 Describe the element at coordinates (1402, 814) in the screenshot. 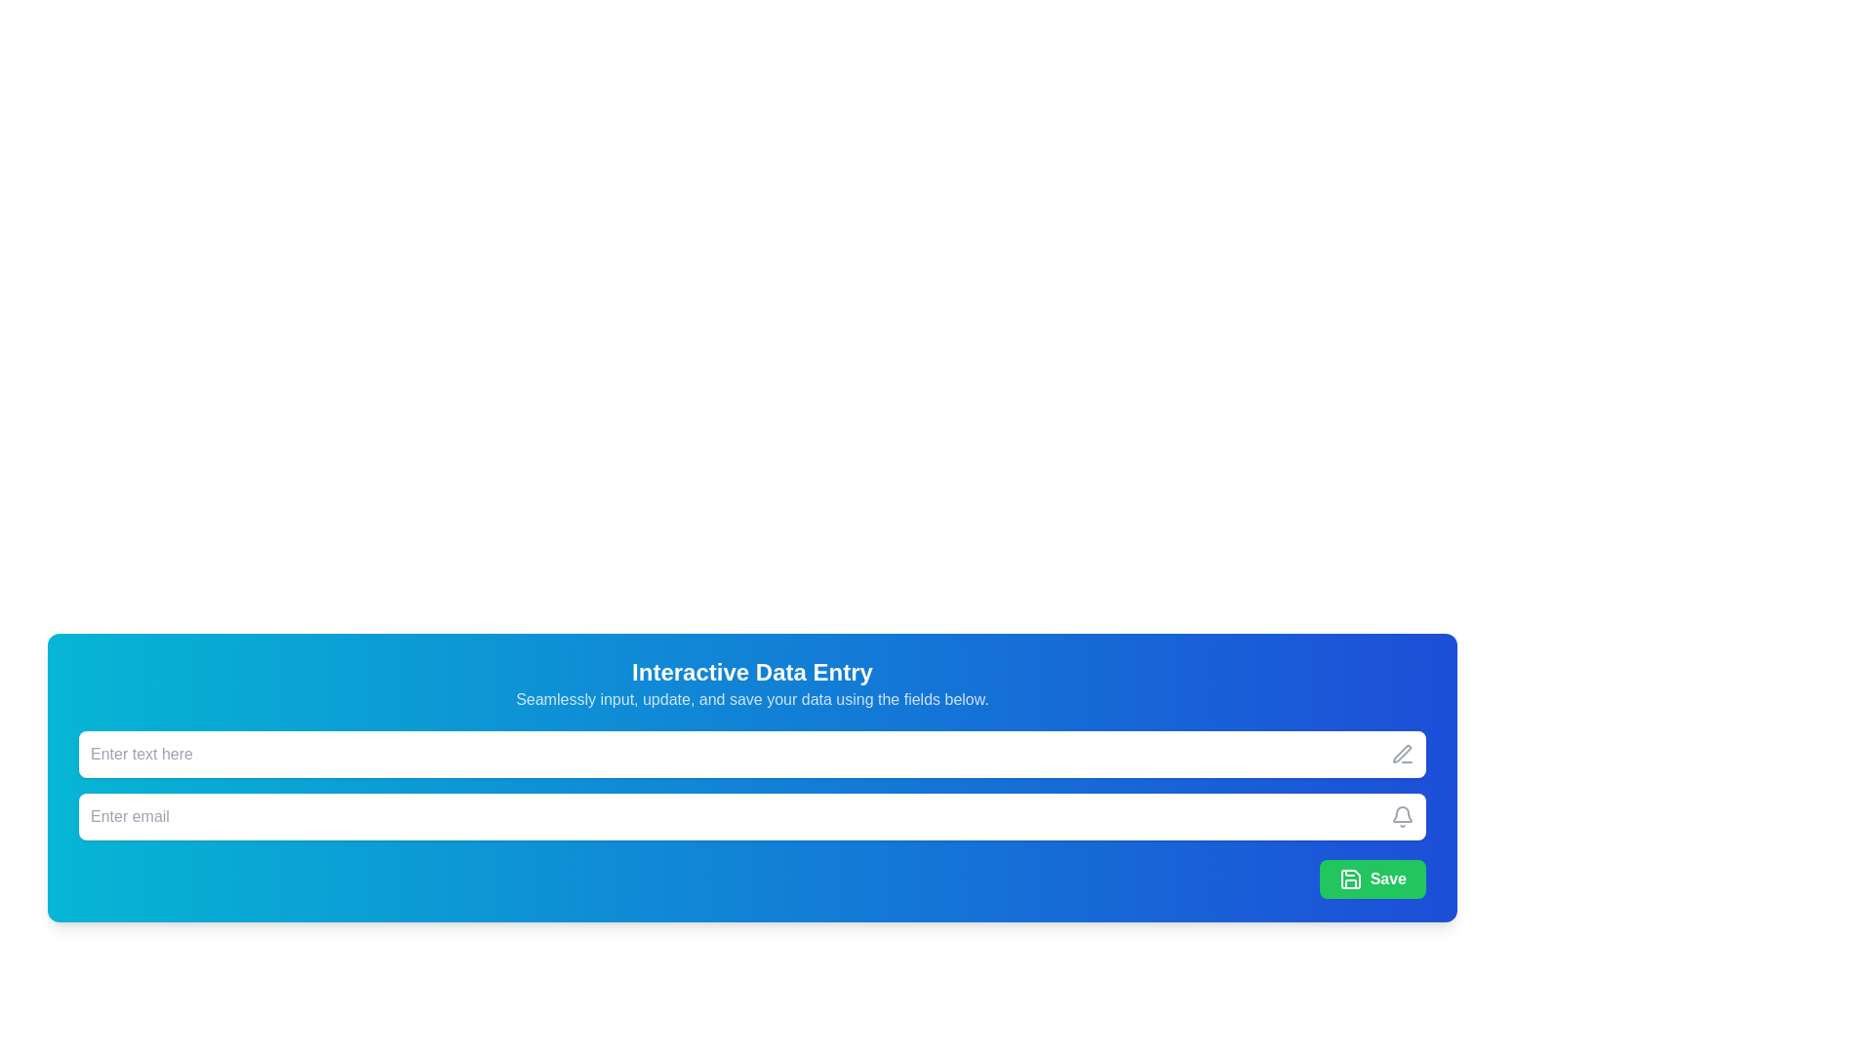

I see `the main body of the bell icon located at the top right corner of the interface, which symbolizes notifications or alerts` at that location.